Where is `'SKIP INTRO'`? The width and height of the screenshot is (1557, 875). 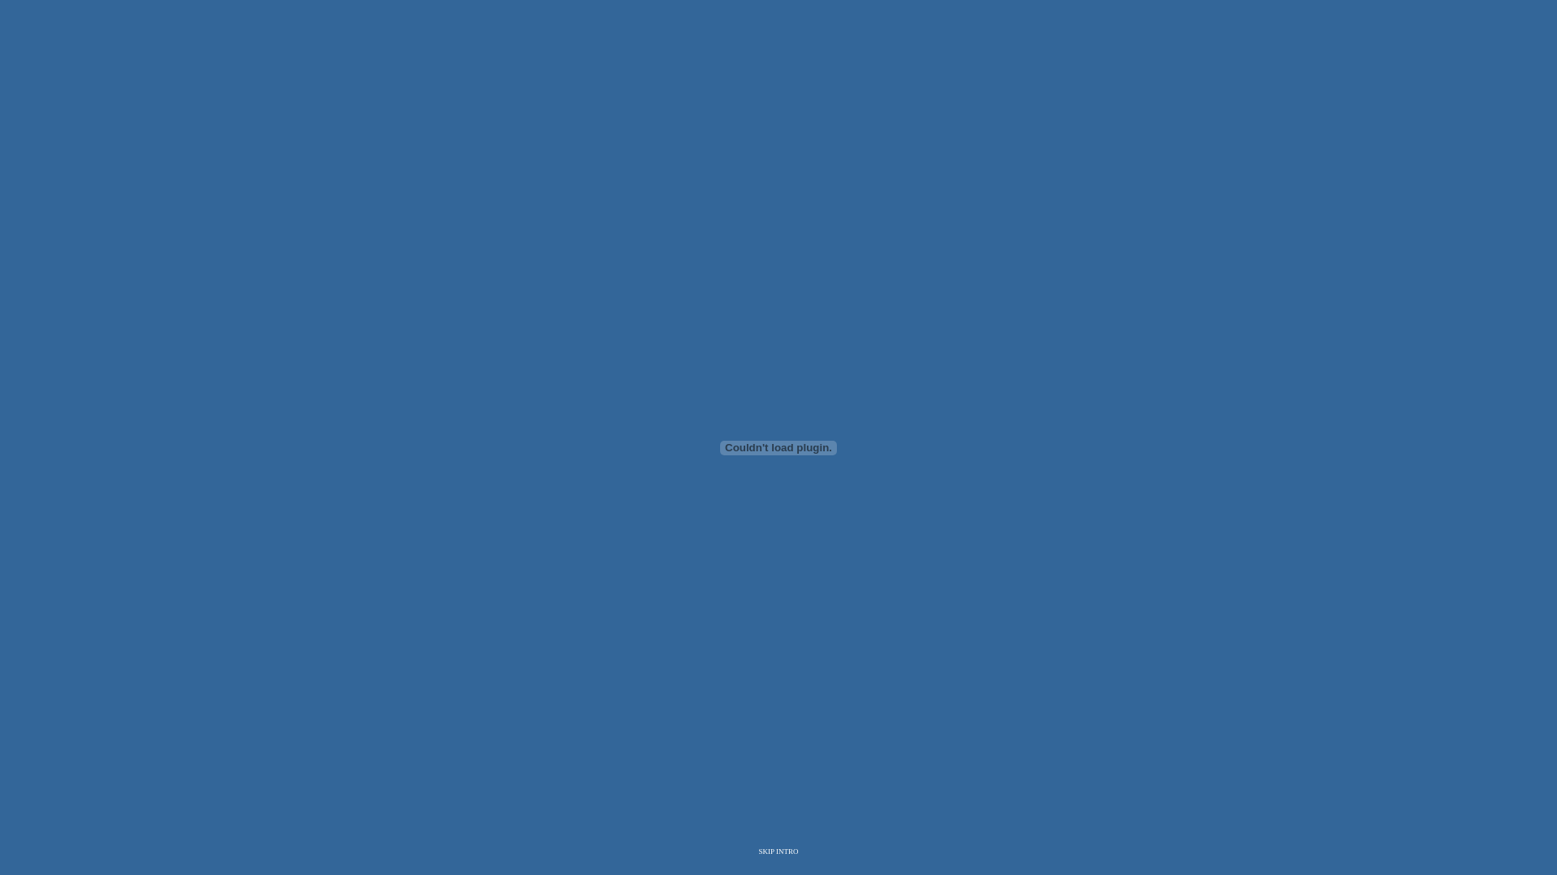 'SKIP INTRO' is located at coordinates (778, 850).